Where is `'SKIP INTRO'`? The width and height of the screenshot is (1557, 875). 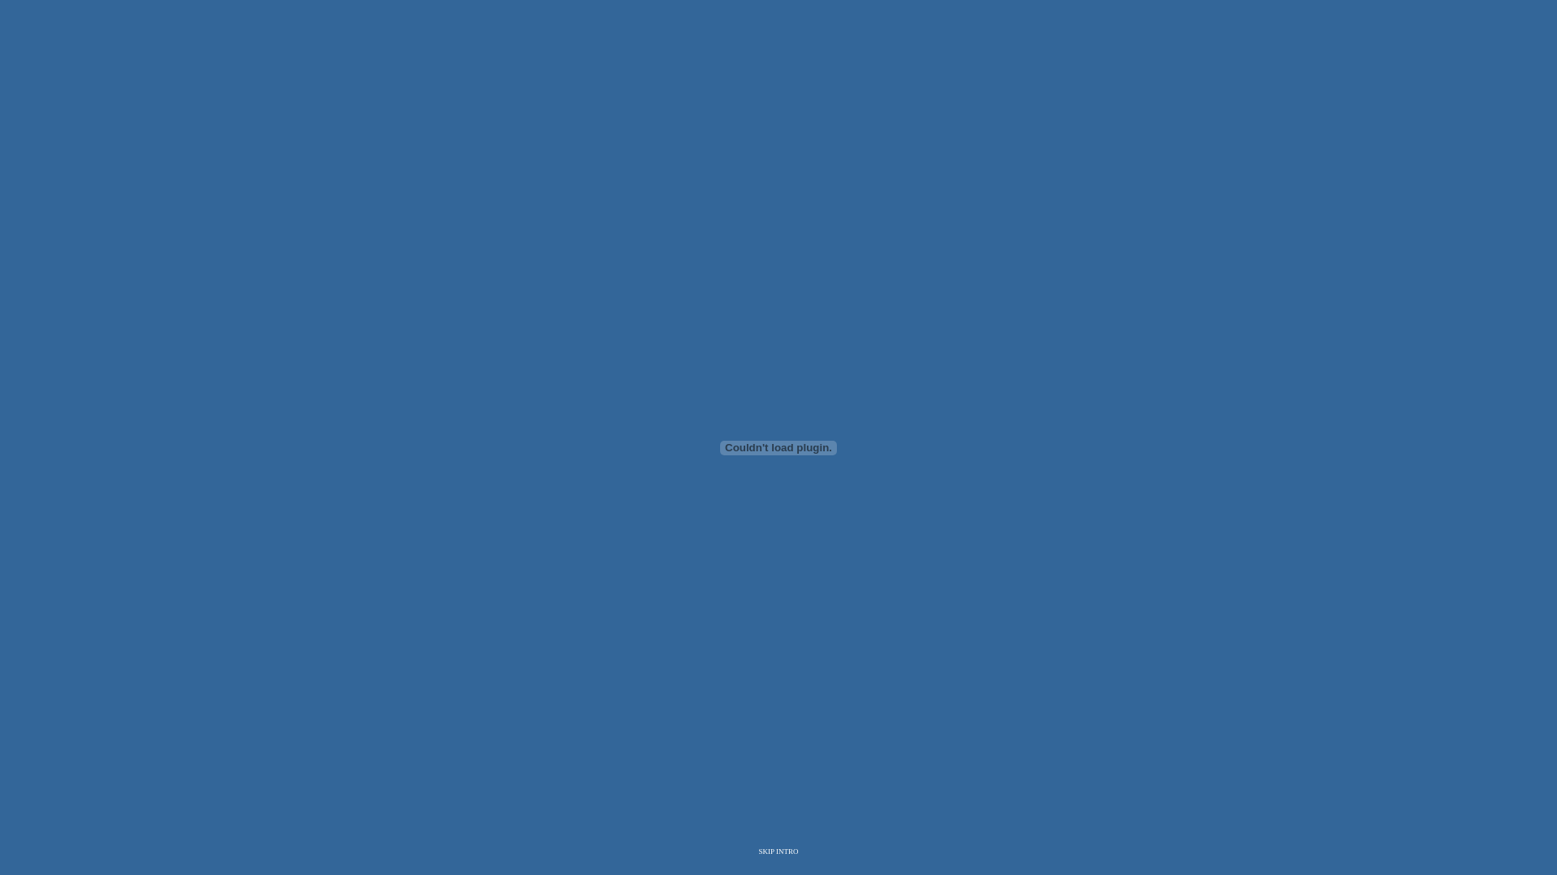 'SKIP INTRO' is located at coordinates (778, 850).